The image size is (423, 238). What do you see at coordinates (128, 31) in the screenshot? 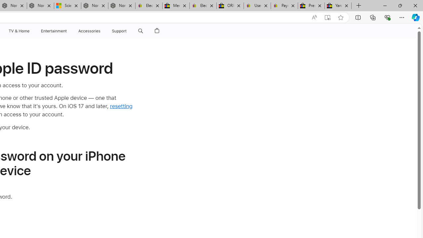
I see `'Class: globalnav-submenu-trigger-item'` at bounding box center [128, 31].